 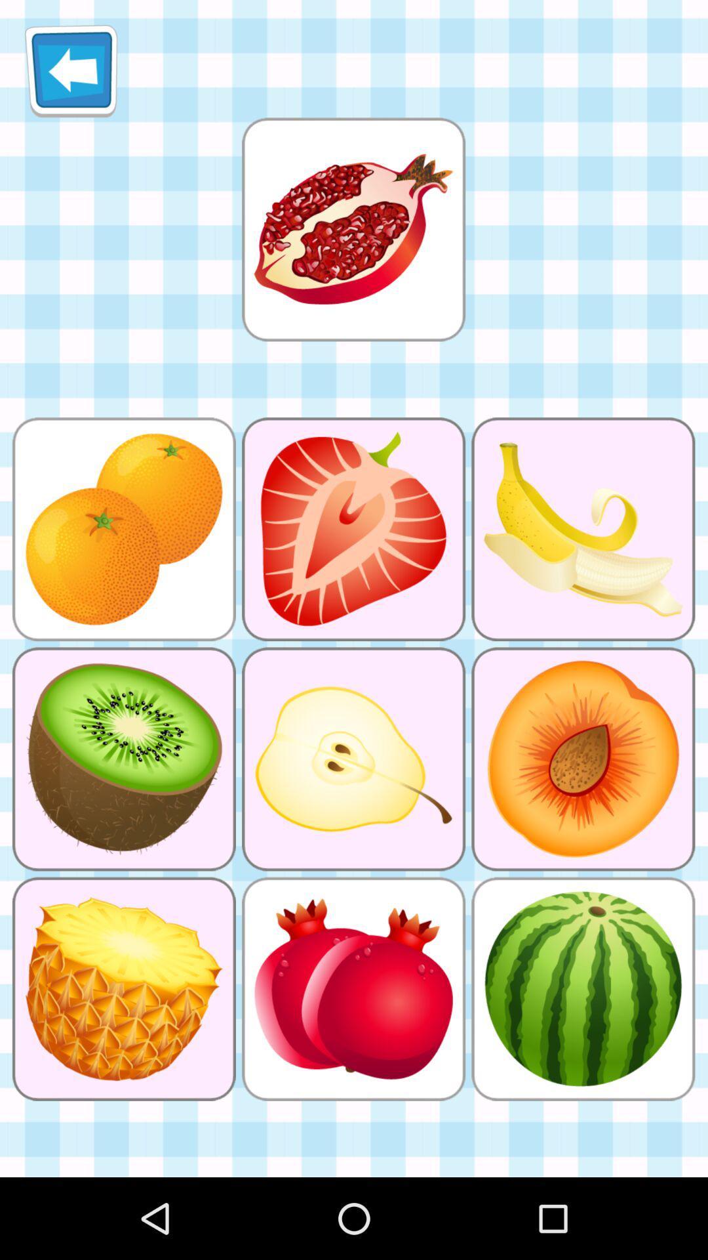 What do you see at coordinates (71, 75) in the screenshot?
I see `the arrow_backward icon` at bounding box center [71, 75].